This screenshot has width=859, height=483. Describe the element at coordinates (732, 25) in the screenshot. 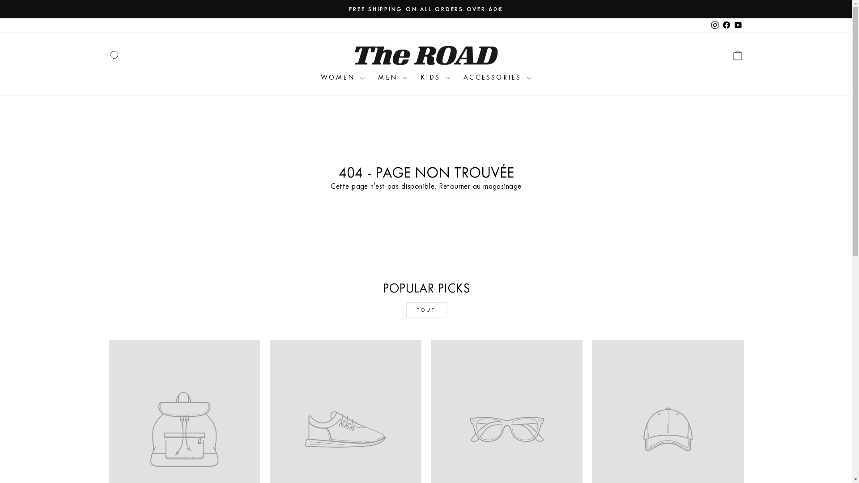

I see `'YouTube'` at that location.